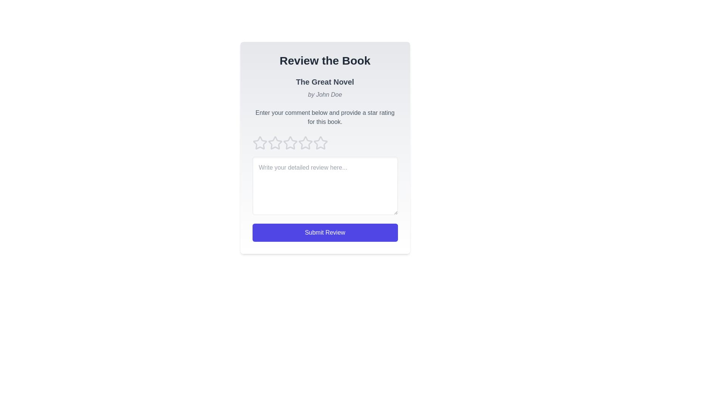  What do you see at coordinates (325, 232) in the screenshot?
I see `the 'Submit Review' button to submit the review` at bounding box center [325, 232].